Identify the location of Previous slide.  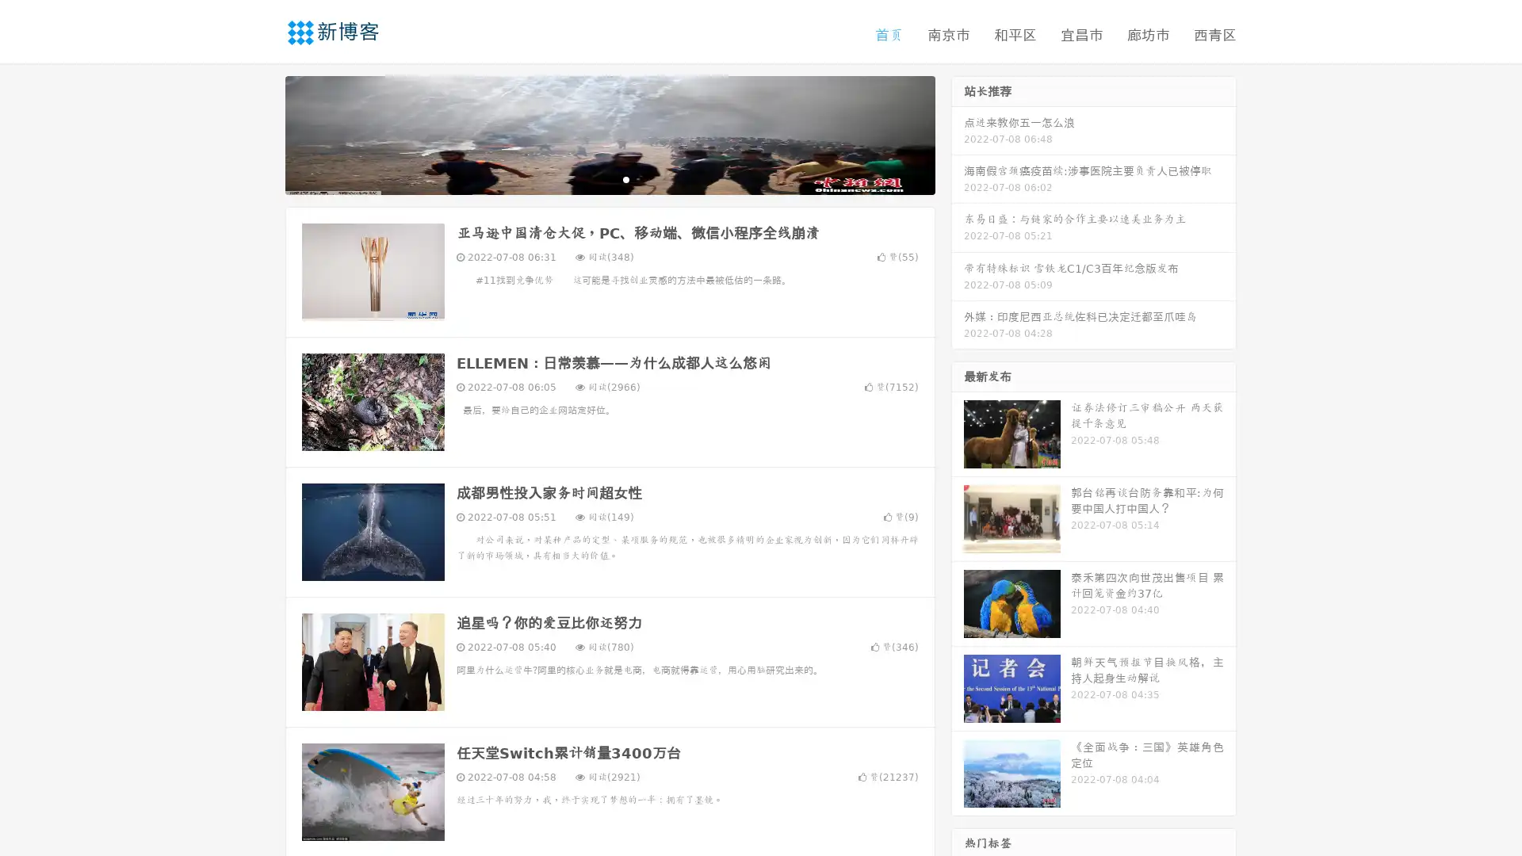
(262, 133).